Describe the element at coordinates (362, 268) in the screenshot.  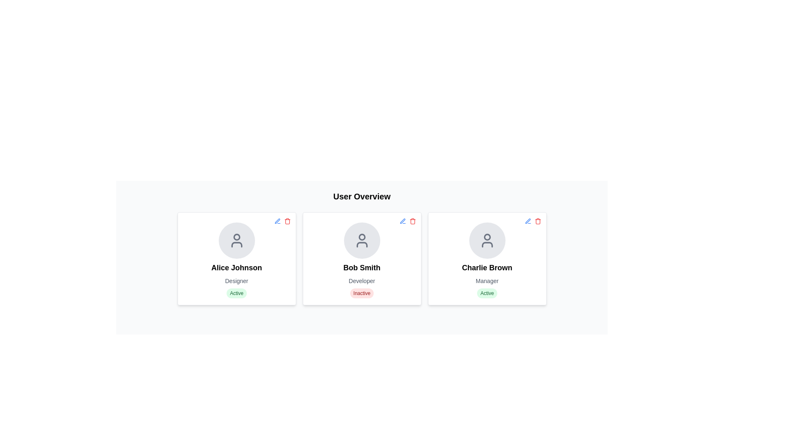
I see `the text label displaying 'Bob Smith', which is prominently styled in bold and larger font, located in the middle card of a three-card layout` at that location.